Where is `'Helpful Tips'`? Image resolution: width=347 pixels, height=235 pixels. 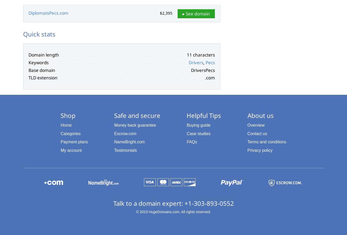
'Helpful Tips' is located at coordinates (204, 115).